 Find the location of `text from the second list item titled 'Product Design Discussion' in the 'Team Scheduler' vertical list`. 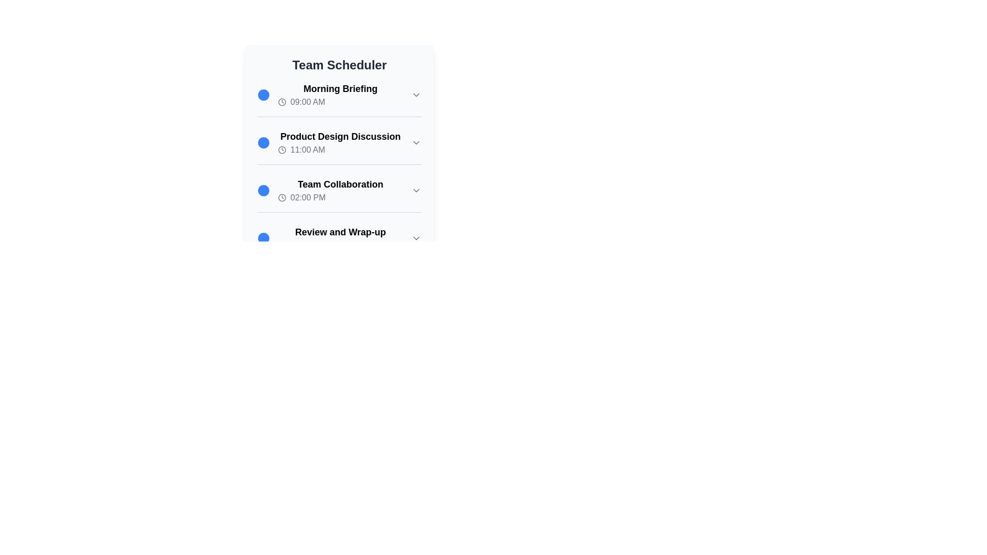

text from the second list item titled 'Product Design Discussion' in the 'Team Scheduler' vertical list is located at coordinates (339, 147).